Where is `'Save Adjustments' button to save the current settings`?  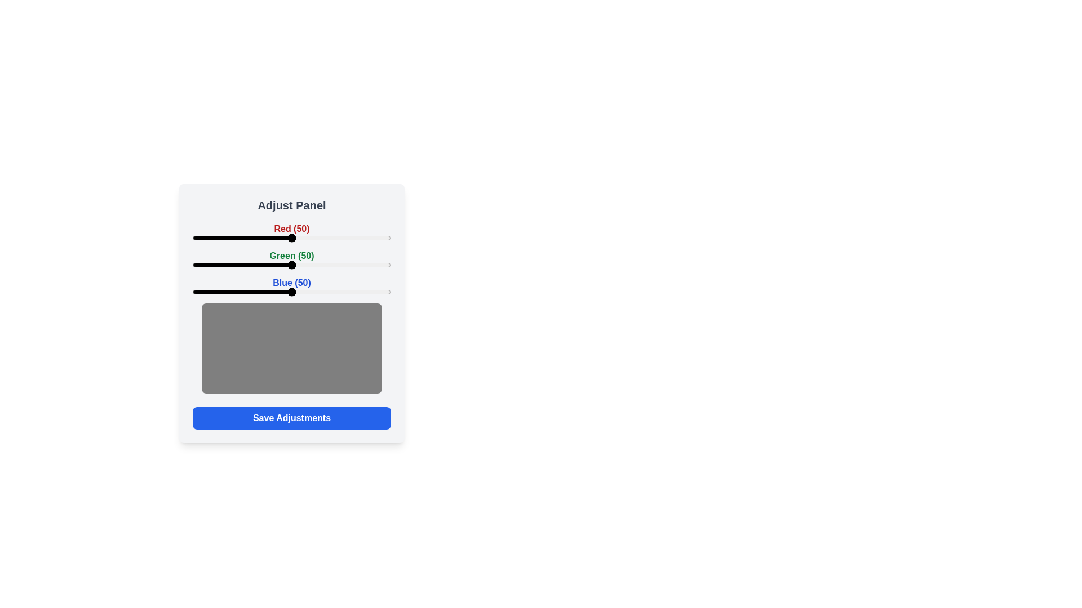 'Save Adjustments' button to save the current settings is located at coordinates (292, 418).